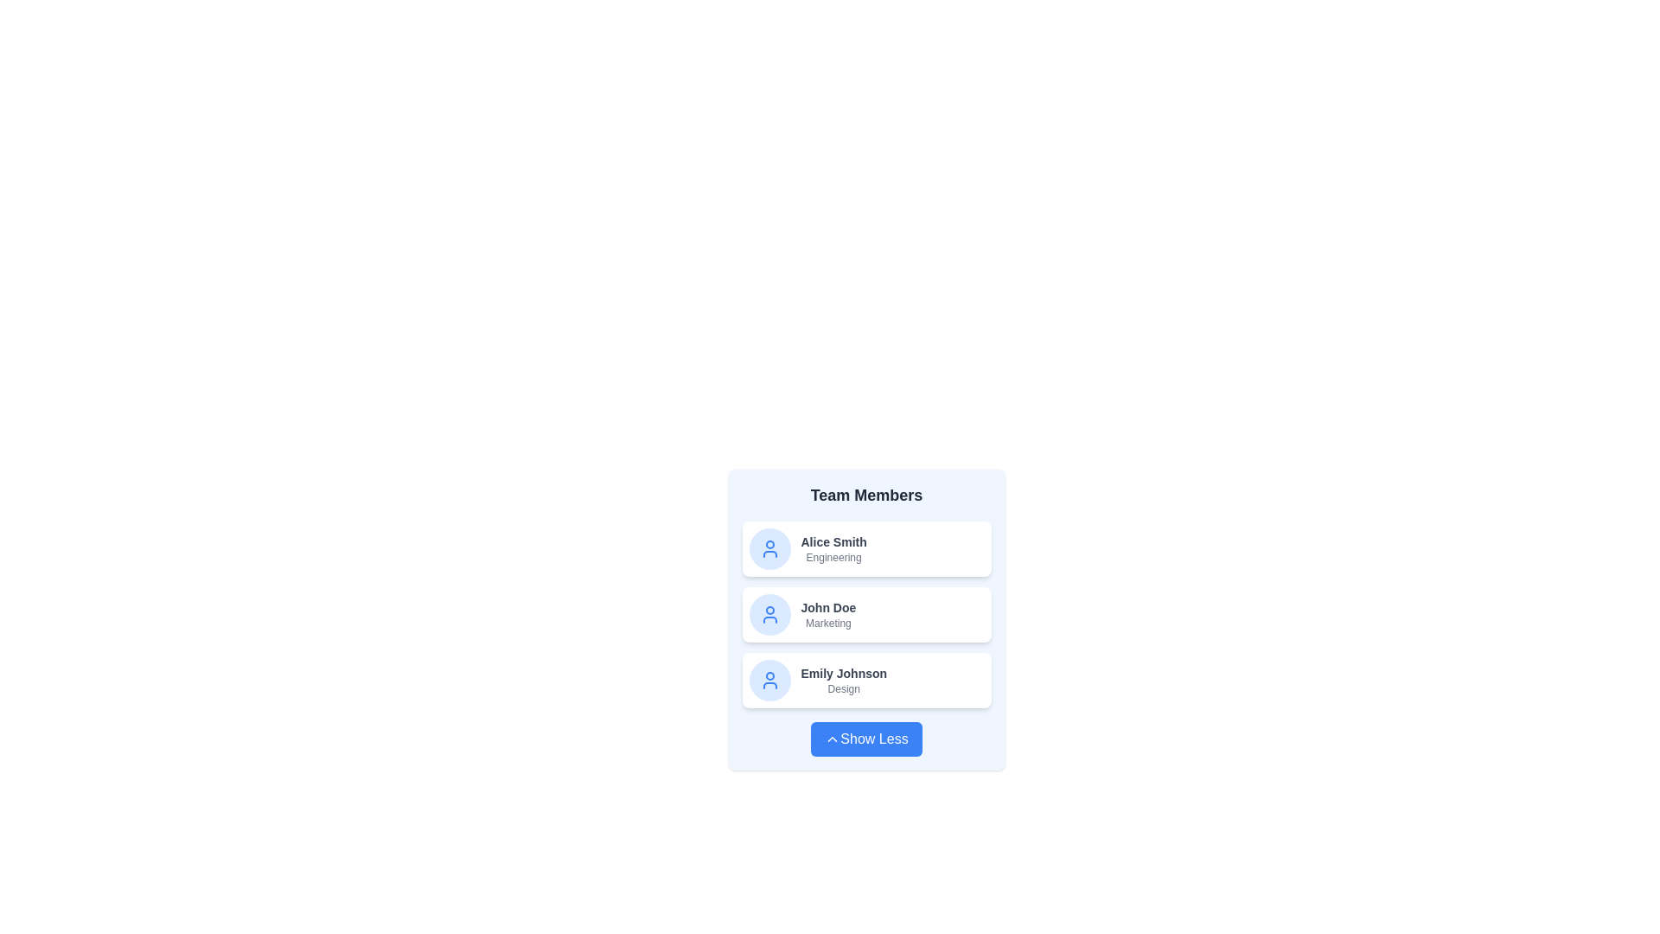 Image resolution: width=1660 pixels, height=934 pixels. What do you see at coordinates (827, 606) in the screenshot?
I see `text from the Text Label displaying 'John Doe' located in the second row of the 'Team Members' list, which is in bold dark gray font` at bounding box center [827, 606].